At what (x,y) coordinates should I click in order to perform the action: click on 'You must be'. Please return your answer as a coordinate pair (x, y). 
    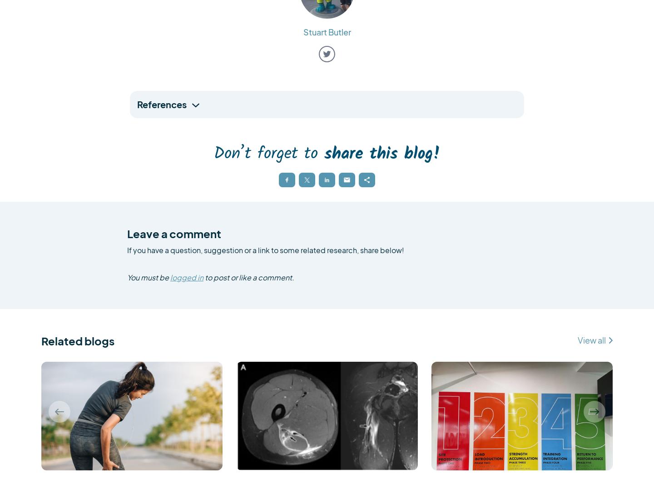
    Looking at the image, I should click on (149, 277).